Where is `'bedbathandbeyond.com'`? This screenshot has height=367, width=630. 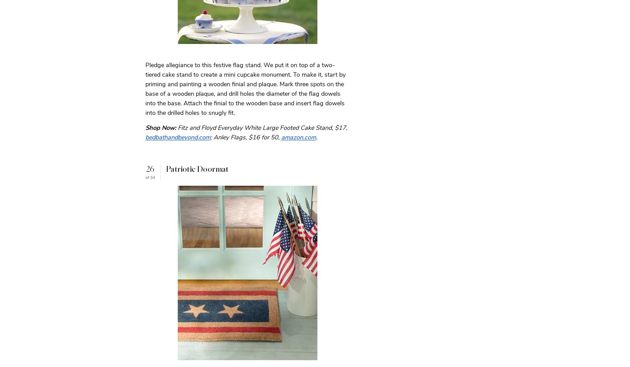 'bedbathandbeyond.com' is located at coordinates (178, 137).